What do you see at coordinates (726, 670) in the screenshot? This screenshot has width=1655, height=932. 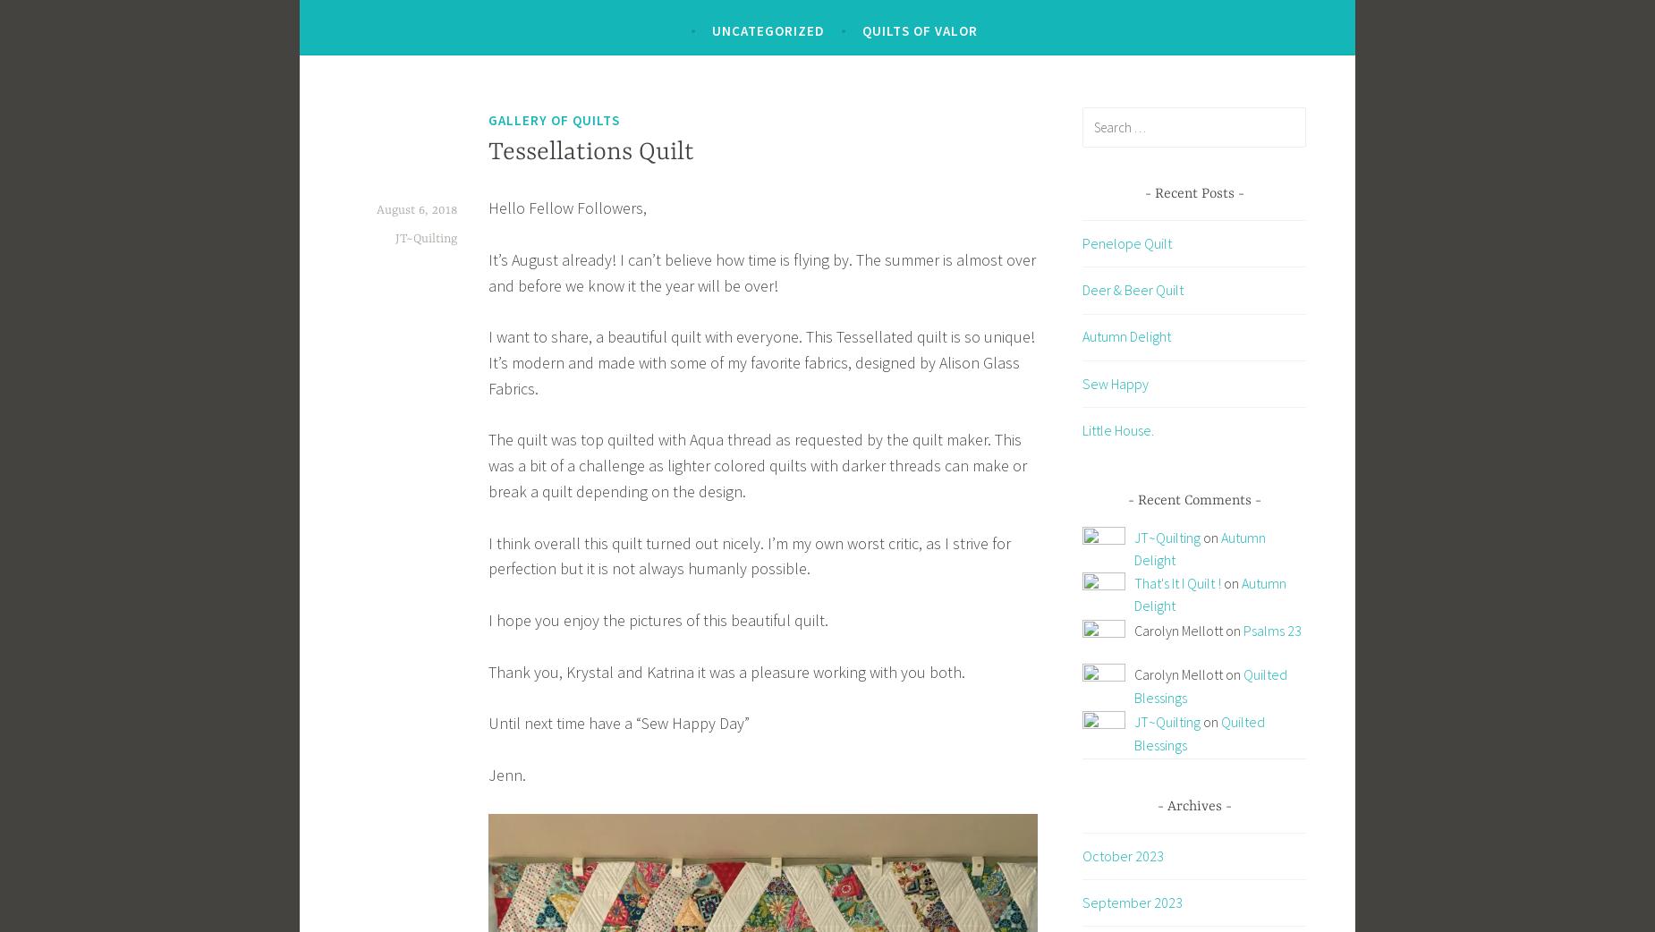 I see `'Thank you, Krystal and Katrina it was a pleasure working with you both.'` at bounding box center [726, 670].